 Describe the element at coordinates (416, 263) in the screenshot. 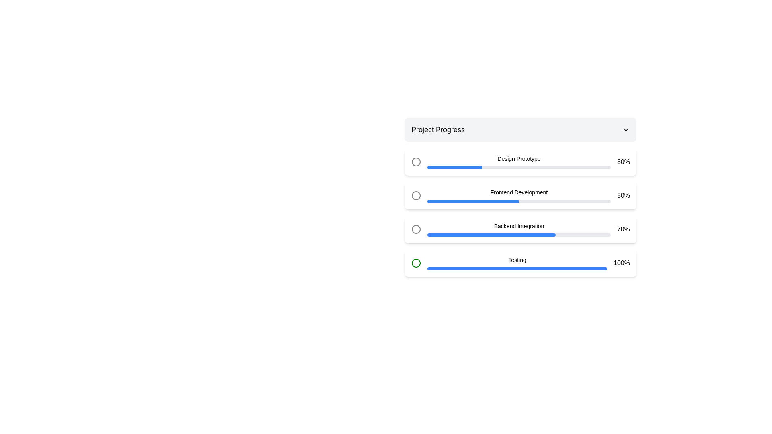

I see `the SVG Circle Element with a green stroke that represents the Testing section in the progress tracker, located at the center of the last item in the vertical list of project stages` at that location.